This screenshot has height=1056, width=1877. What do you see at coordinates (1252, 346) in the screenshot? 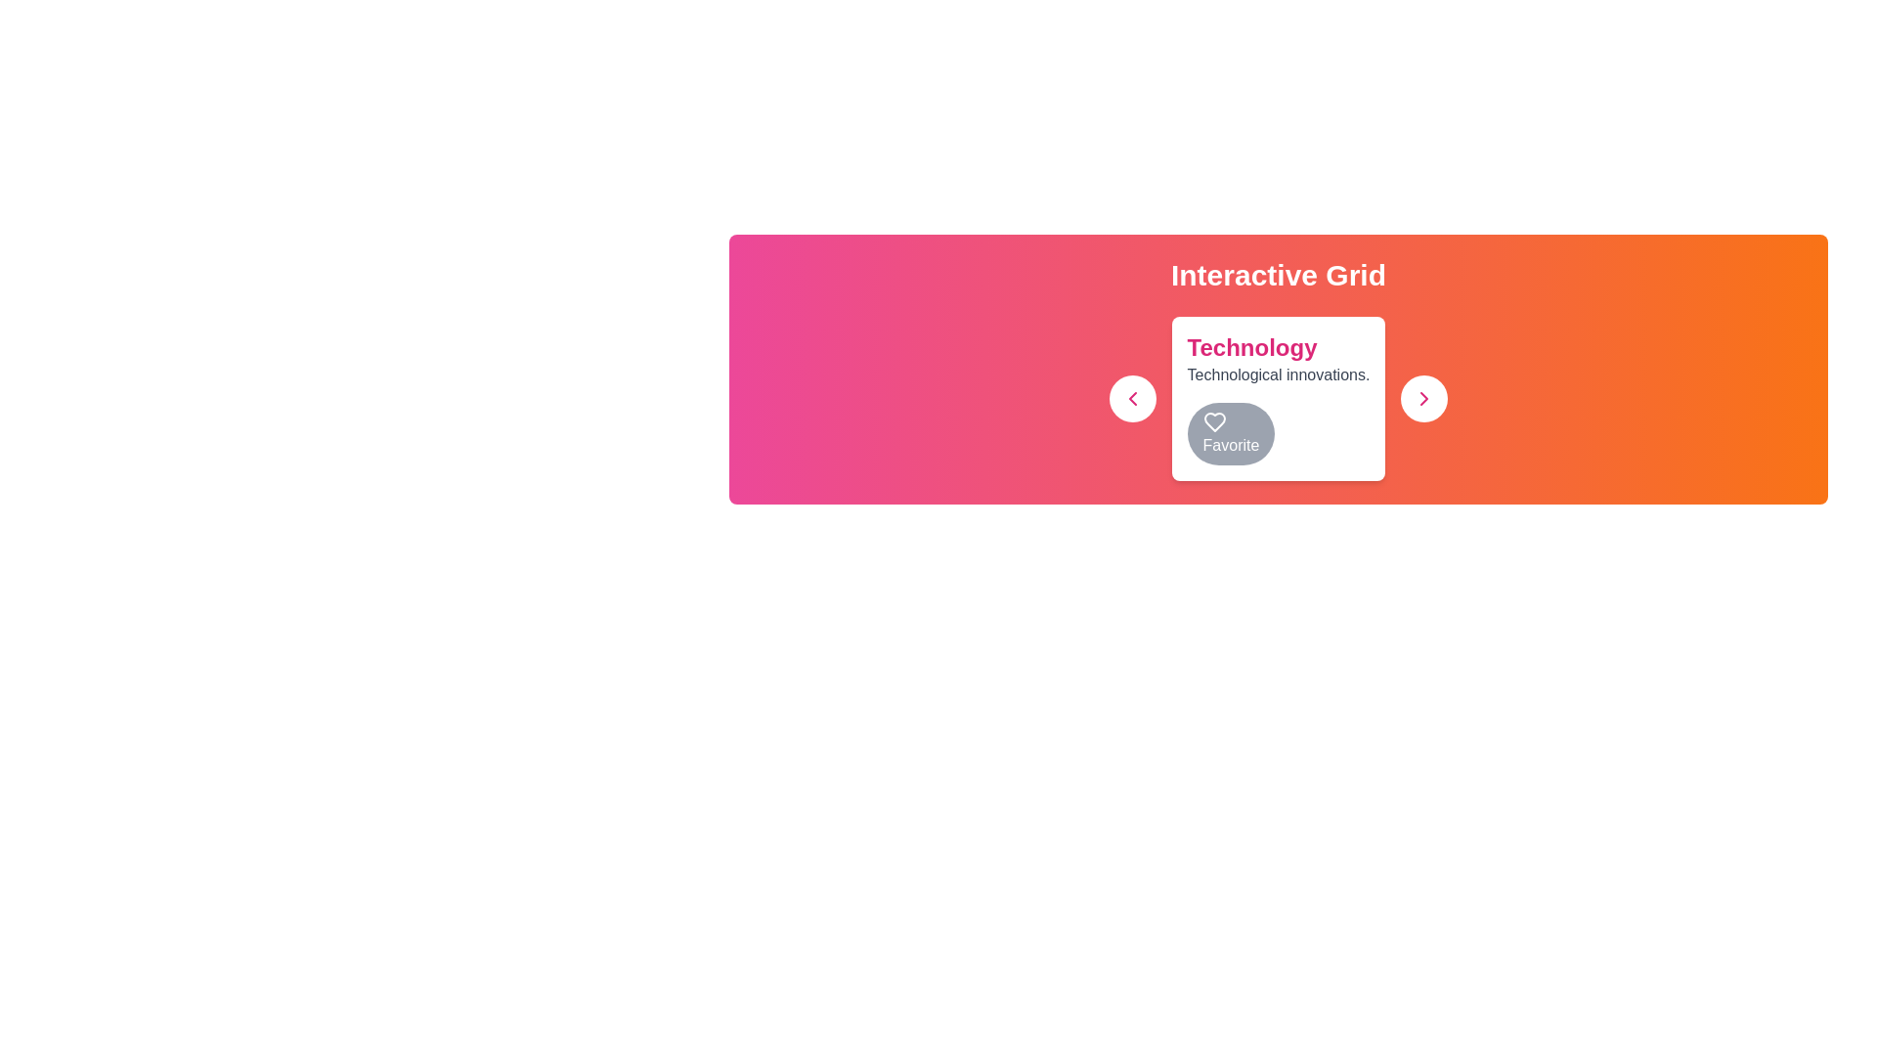
I see `the heading text element that represents the theme or category of the section, located at the top-left of the card` at bounding box center [1252, 346].